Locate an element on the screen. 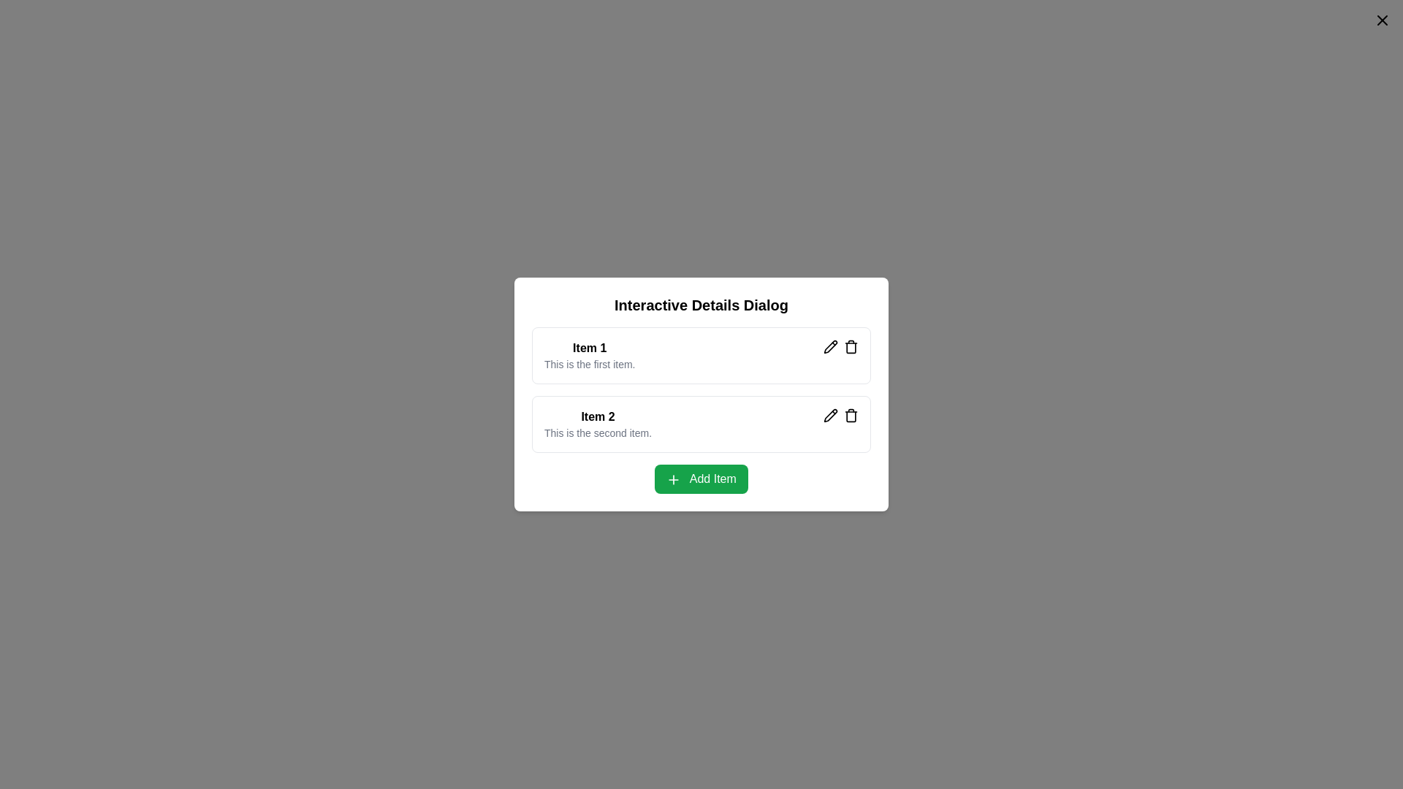 The image size is (1403, 789). the trash can icon in the bottom-right corner of the second item block is located at coordinates (841, 416).